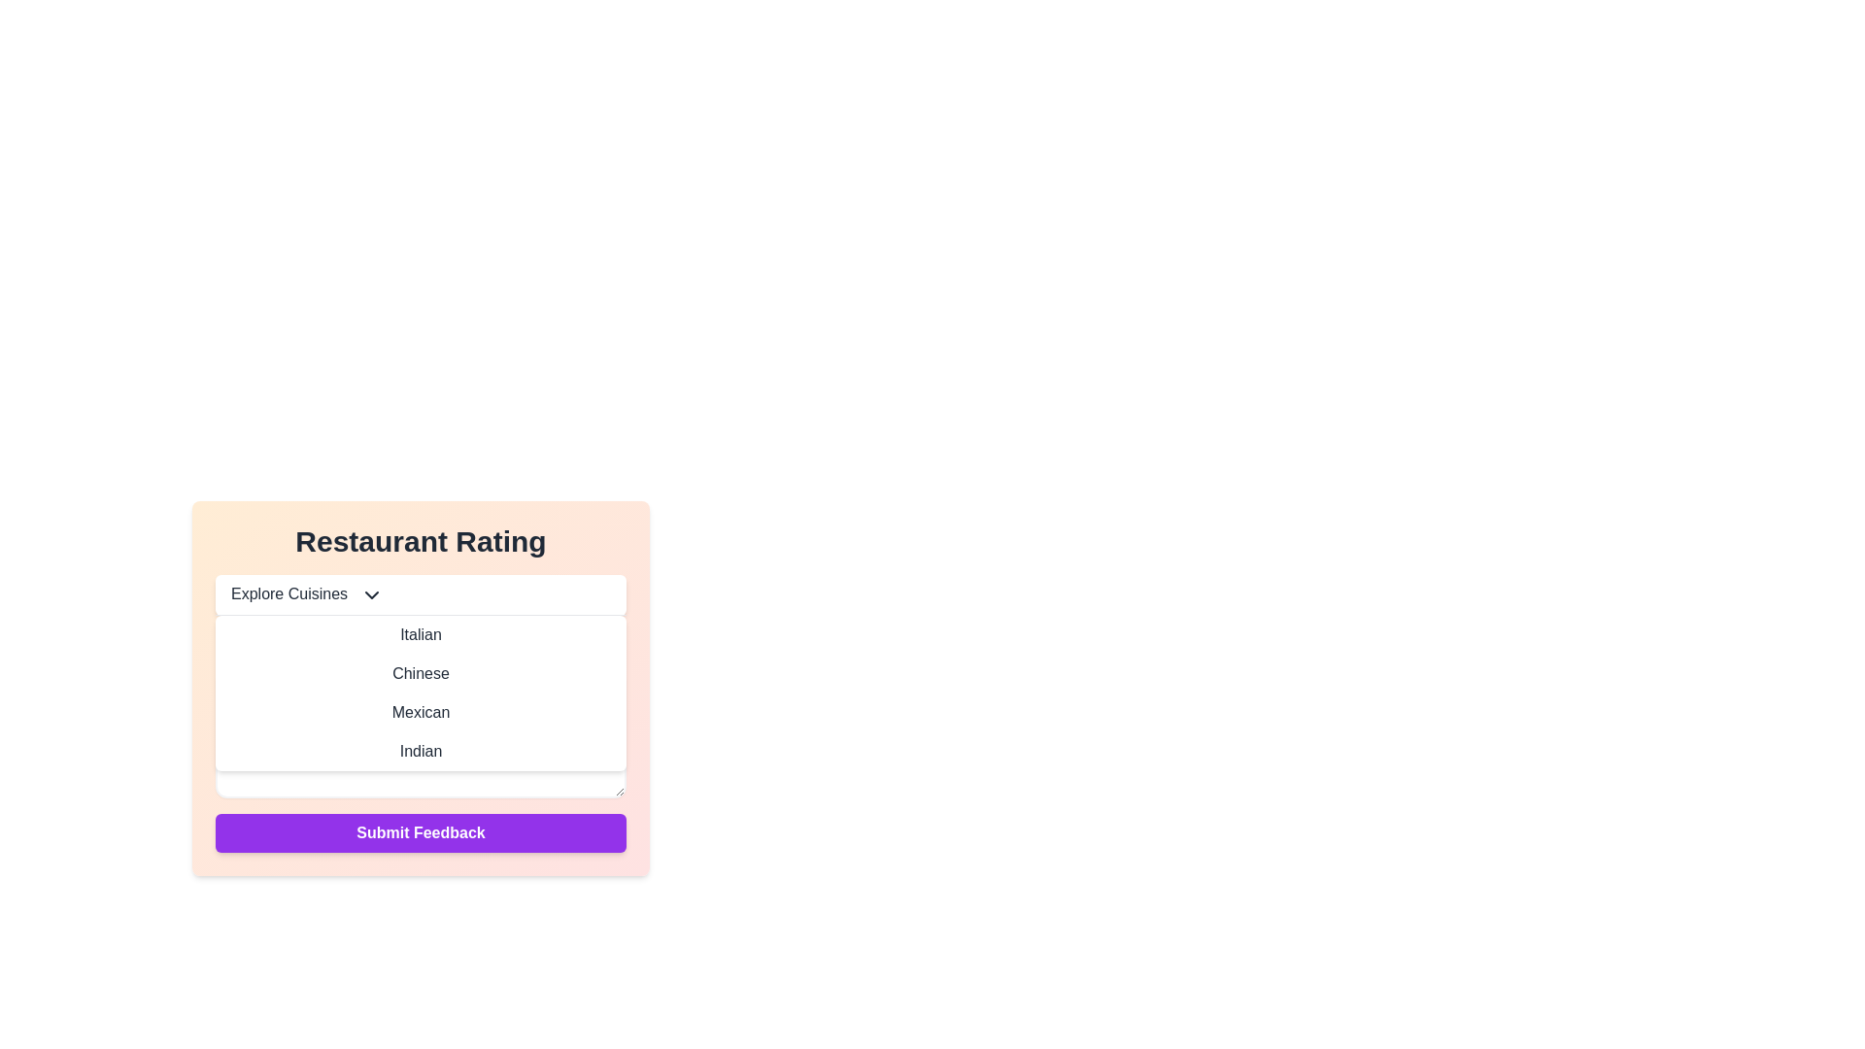 This screenshot has width=1865, height=1049. What do you see at coordinates (420, 750) in the screenshot?
I see `the dropdown menu item labeled 'Indian'` at bounding box center [420, 750].